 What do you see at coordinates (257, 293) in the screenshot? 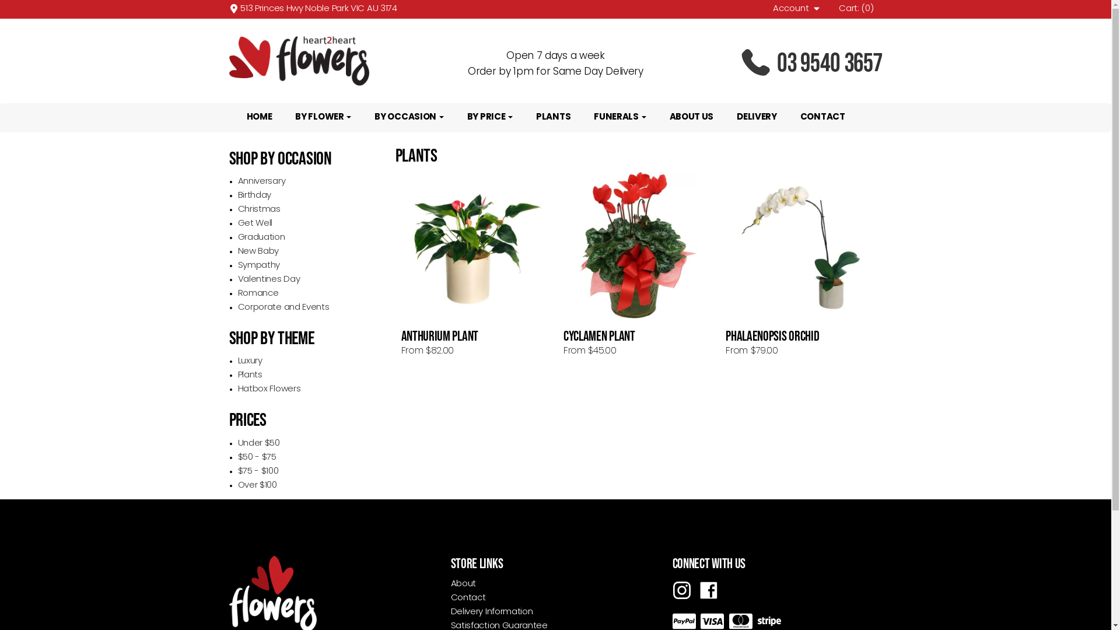
I see `'Romance'` at bounding box center [257, 293].